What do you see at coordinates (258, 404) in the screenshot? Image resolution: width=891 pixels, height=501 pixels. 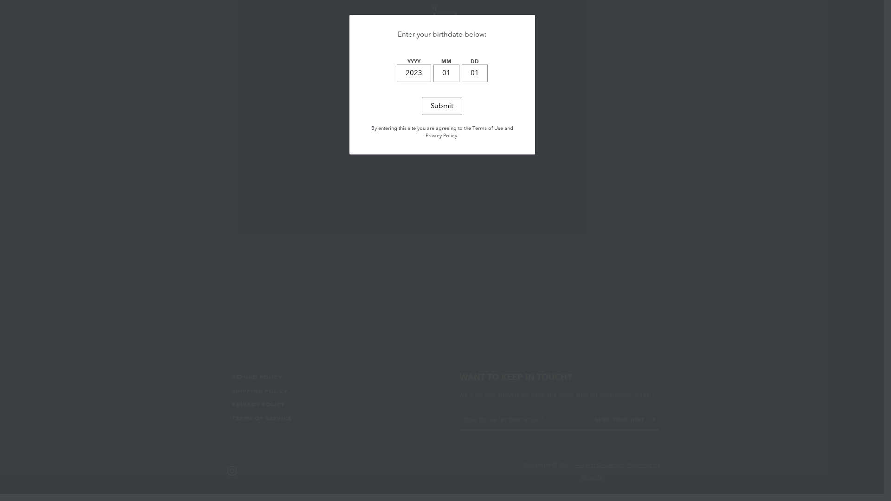 I see `'PRIVACY POLICY'` at bounding box center [258, 404].